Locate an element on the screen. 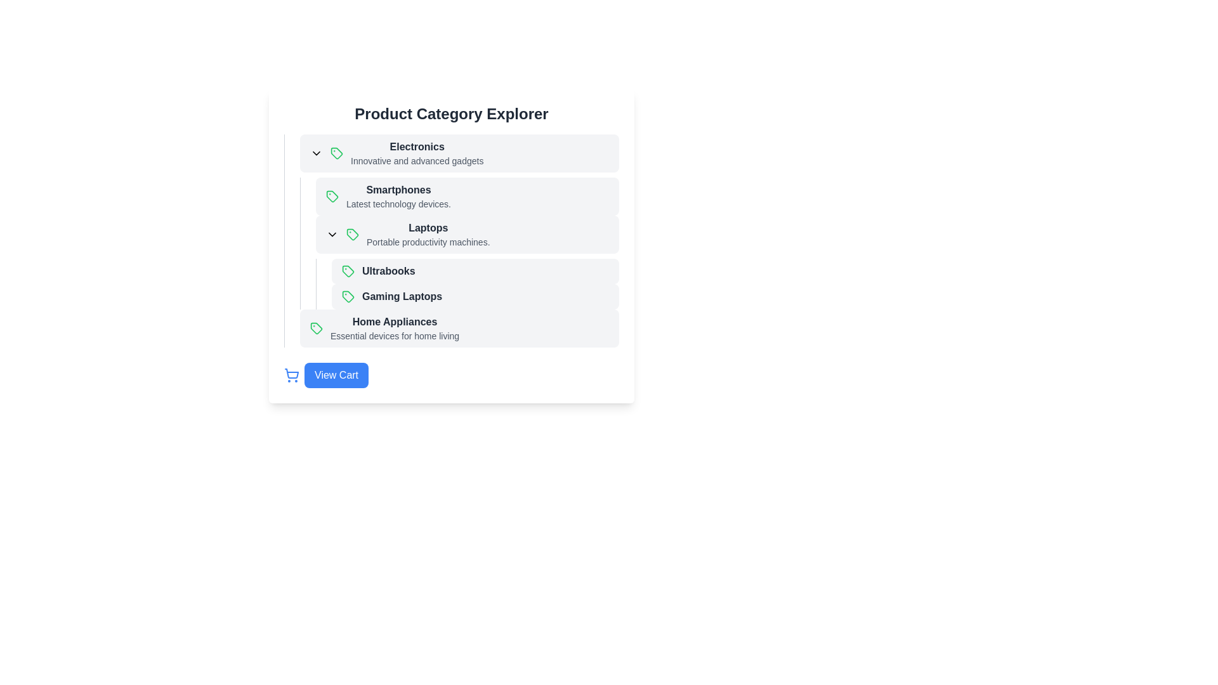  the first clickable item in the 'Laptops' category list is located at coordinates (467, 271).